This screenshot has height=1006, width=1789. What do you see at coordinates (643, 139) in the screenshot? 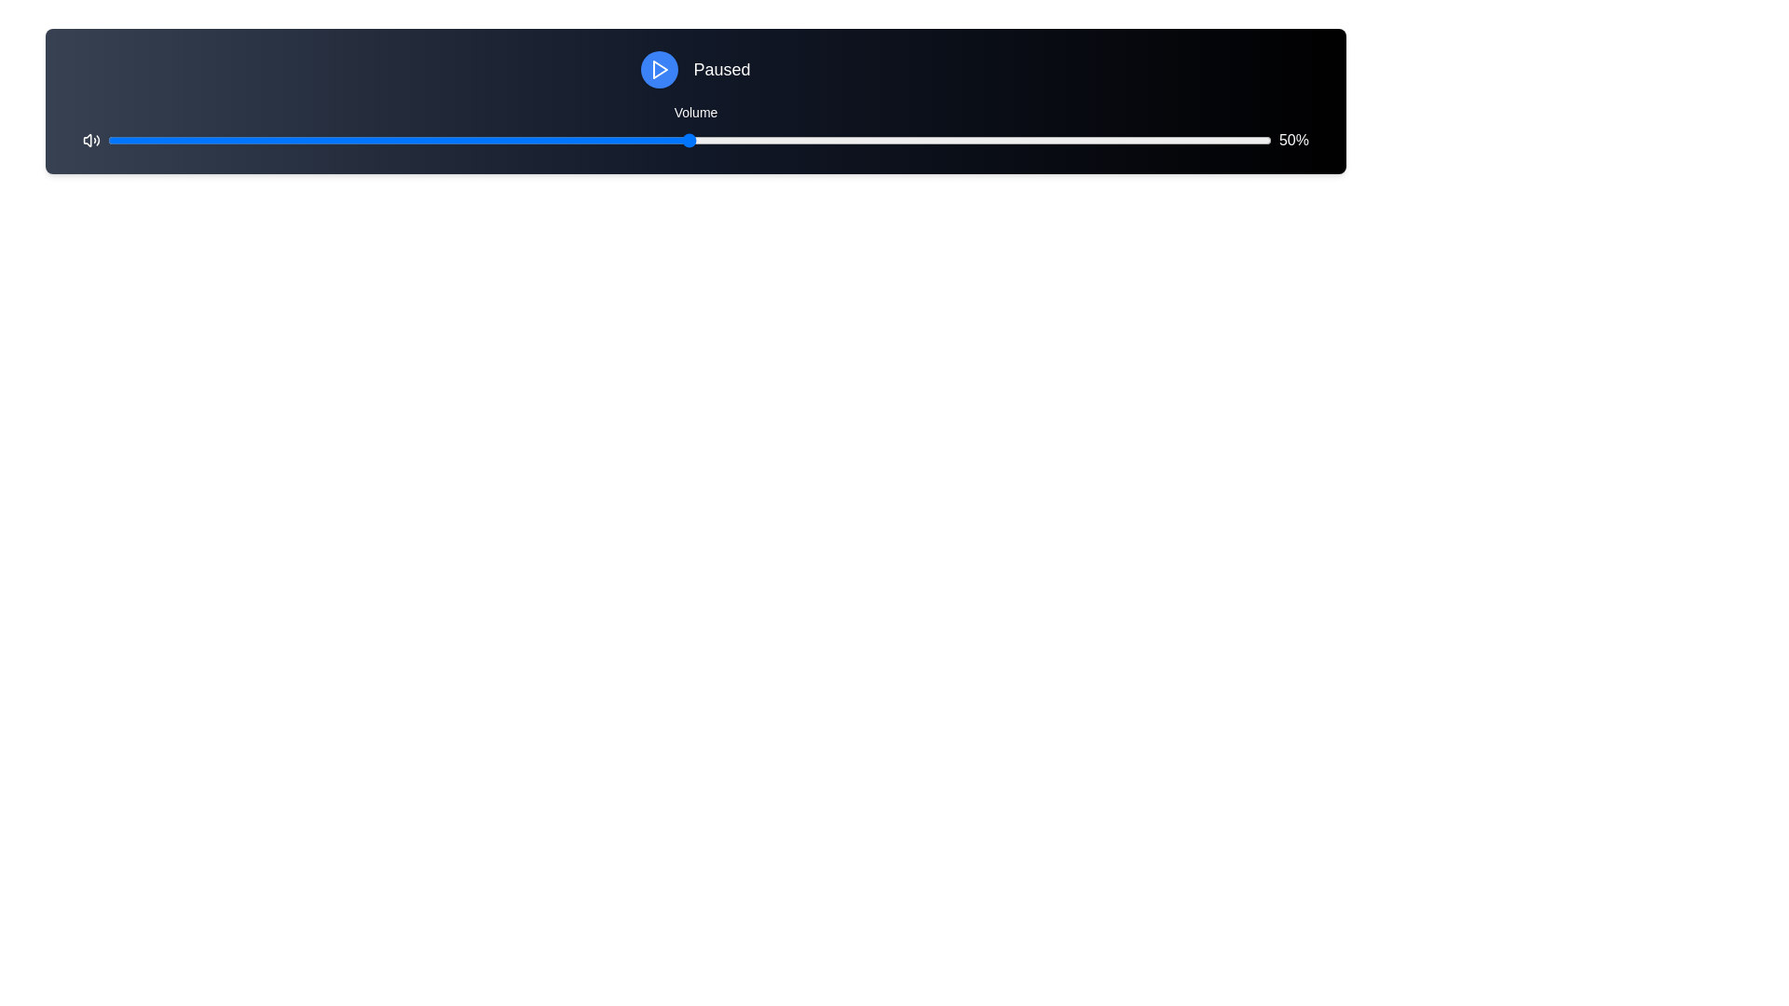
I see `the volume level` at bounding box center [643, 139].